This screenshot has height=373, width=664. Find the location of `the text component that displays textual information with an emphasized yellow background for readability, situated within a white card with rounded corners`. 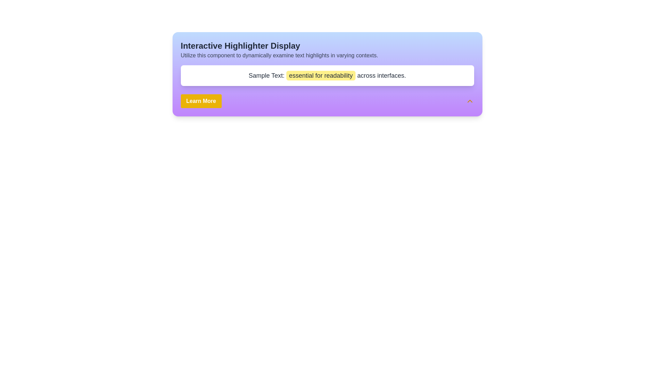

the text component that displays textual information with an emphasized yellow background for readability, situated within a white card with rounded corners is located at coordinates (327, 76).